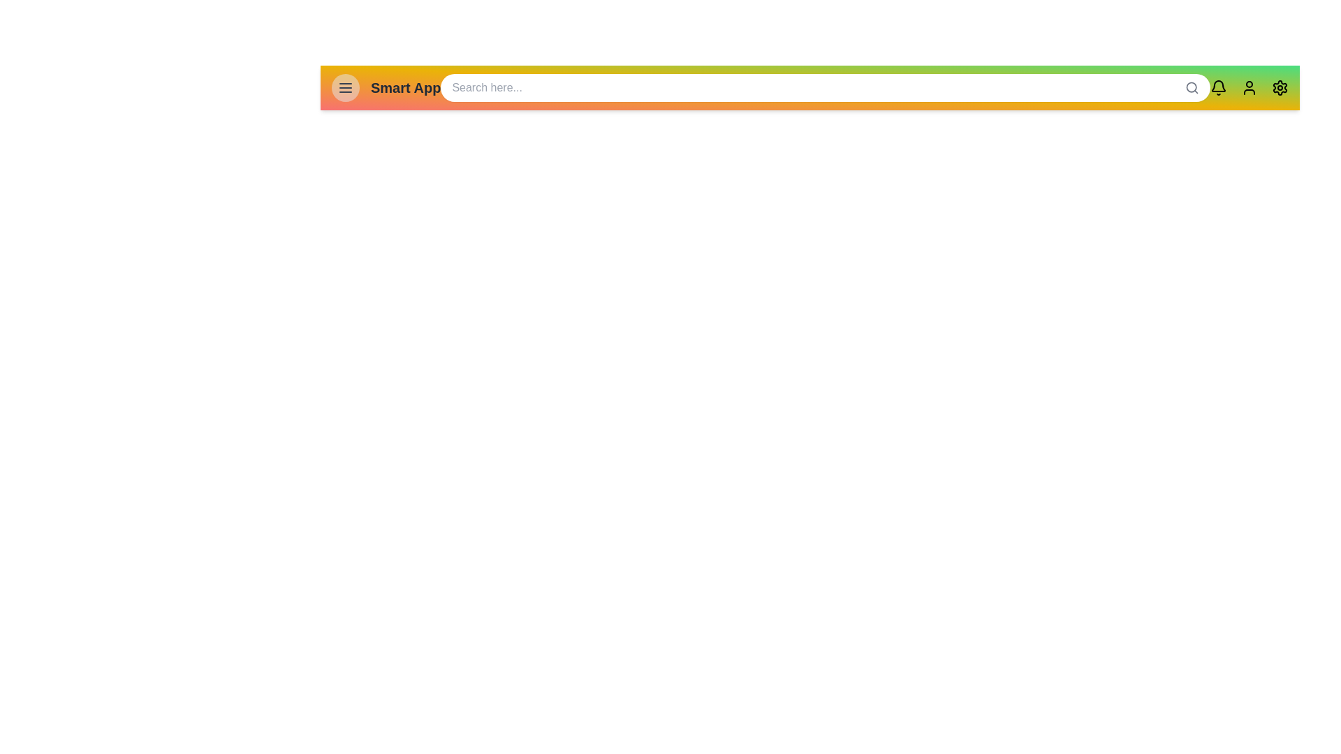 Image resolution: width=1341 pixels, height=754 pixels. I want to click on the notification icon to view notifications, so click(1218, 88).